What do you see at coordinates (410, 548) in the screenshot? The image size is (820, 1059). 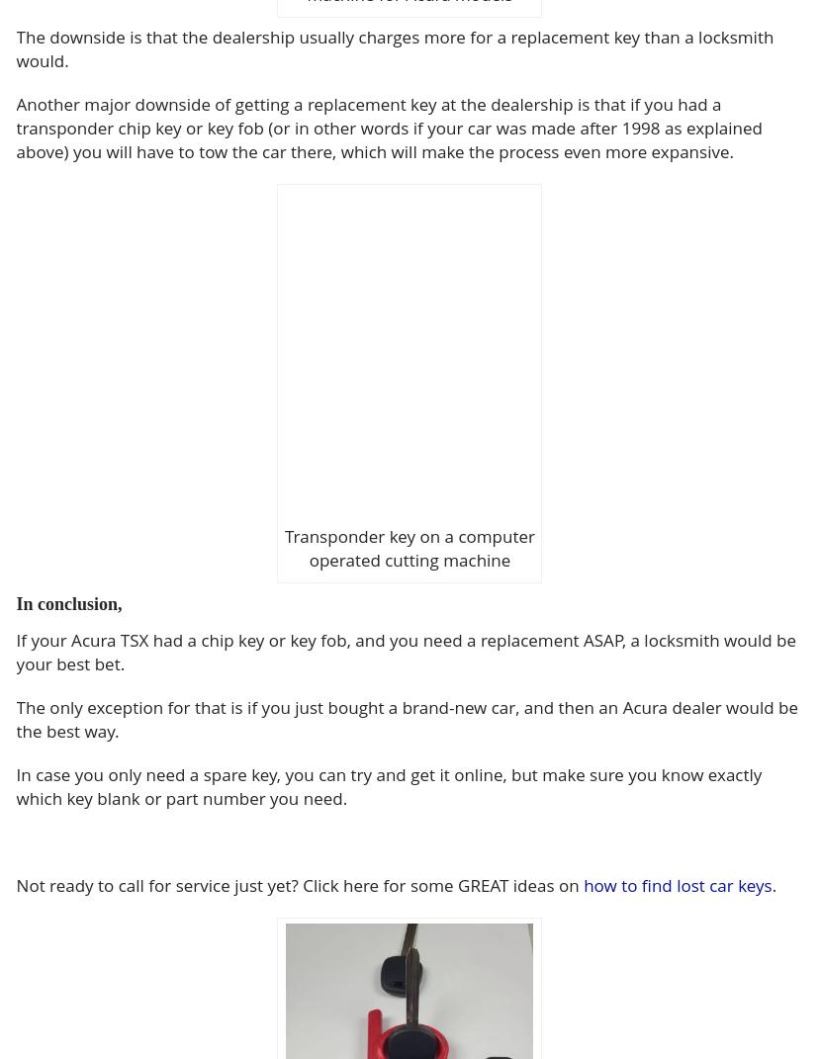 I see `'Transponder key on a computer operated cutting machine'` at bounding box center [410, 548].